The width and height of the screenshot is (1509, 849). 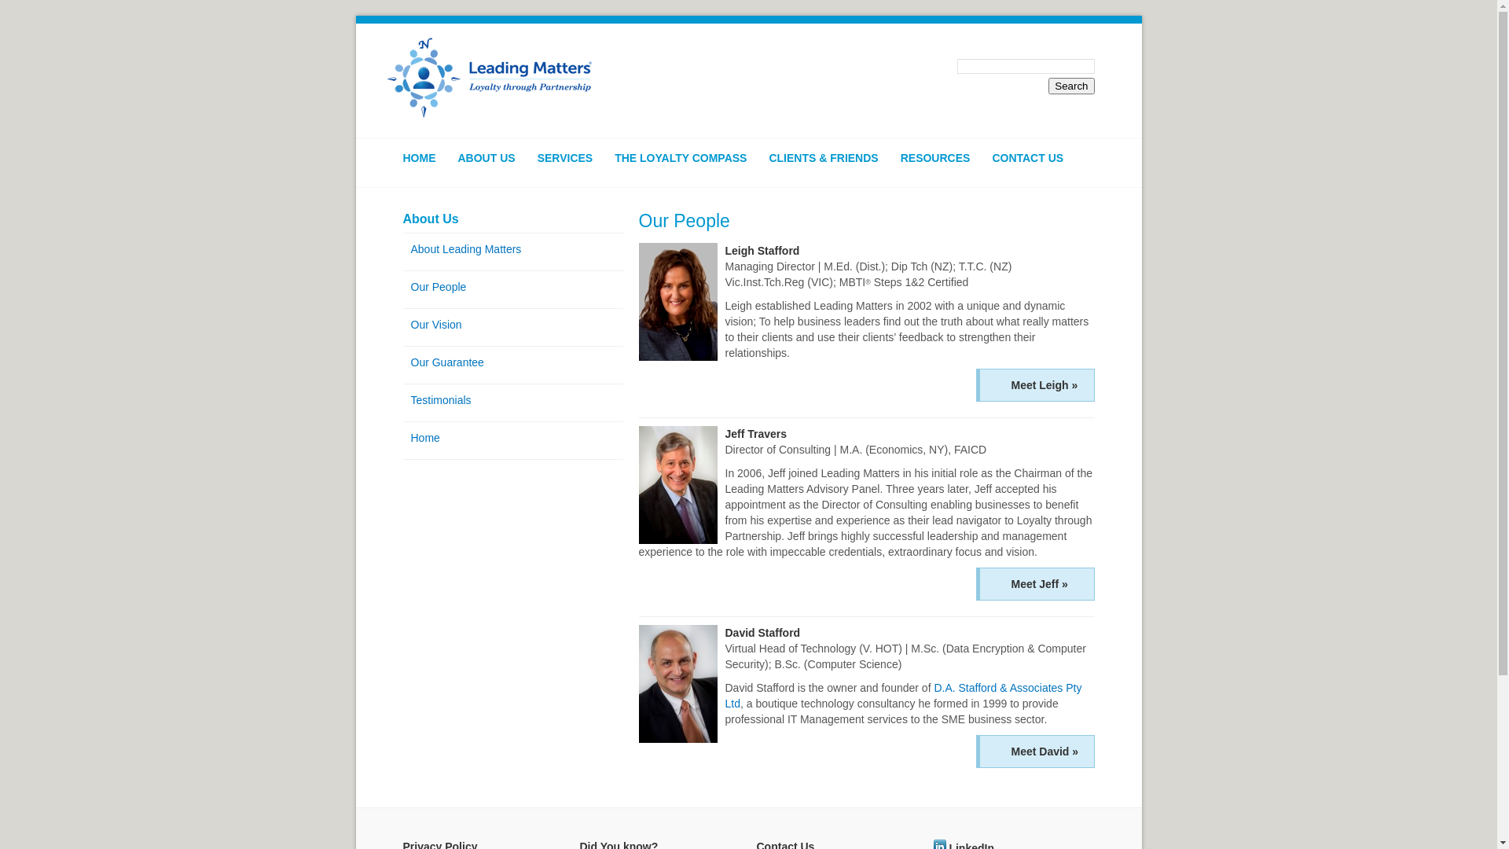 What do you see at coordinates (902, 694) in the screenshot?
I see `'D.A. Stafford & Associates Pty Ltd'` at bounding box center [902, 694].